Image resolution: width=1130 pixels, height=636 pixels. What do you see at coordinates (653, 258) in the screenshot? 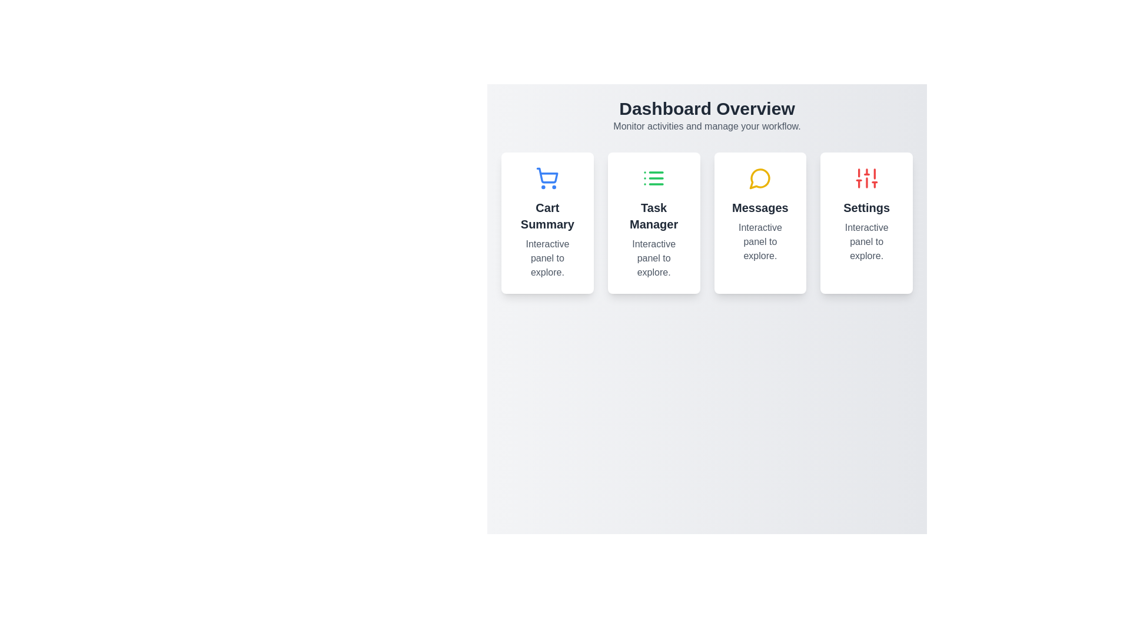
I see `the Text Label that describes the 'Task Manager' section, positioned directly under the 'Task Manager' title` at bounding box center [653, 258].